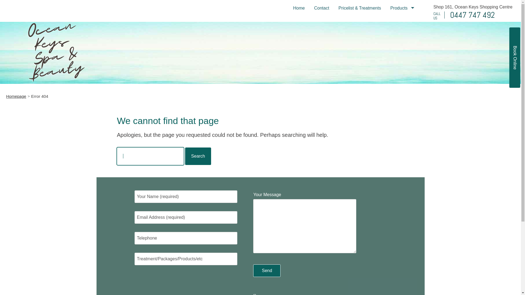 Image resolution: width=525 pixels, height=295 pixels. I want to click on 'Pricelist & Treatments', so click(360, 8).